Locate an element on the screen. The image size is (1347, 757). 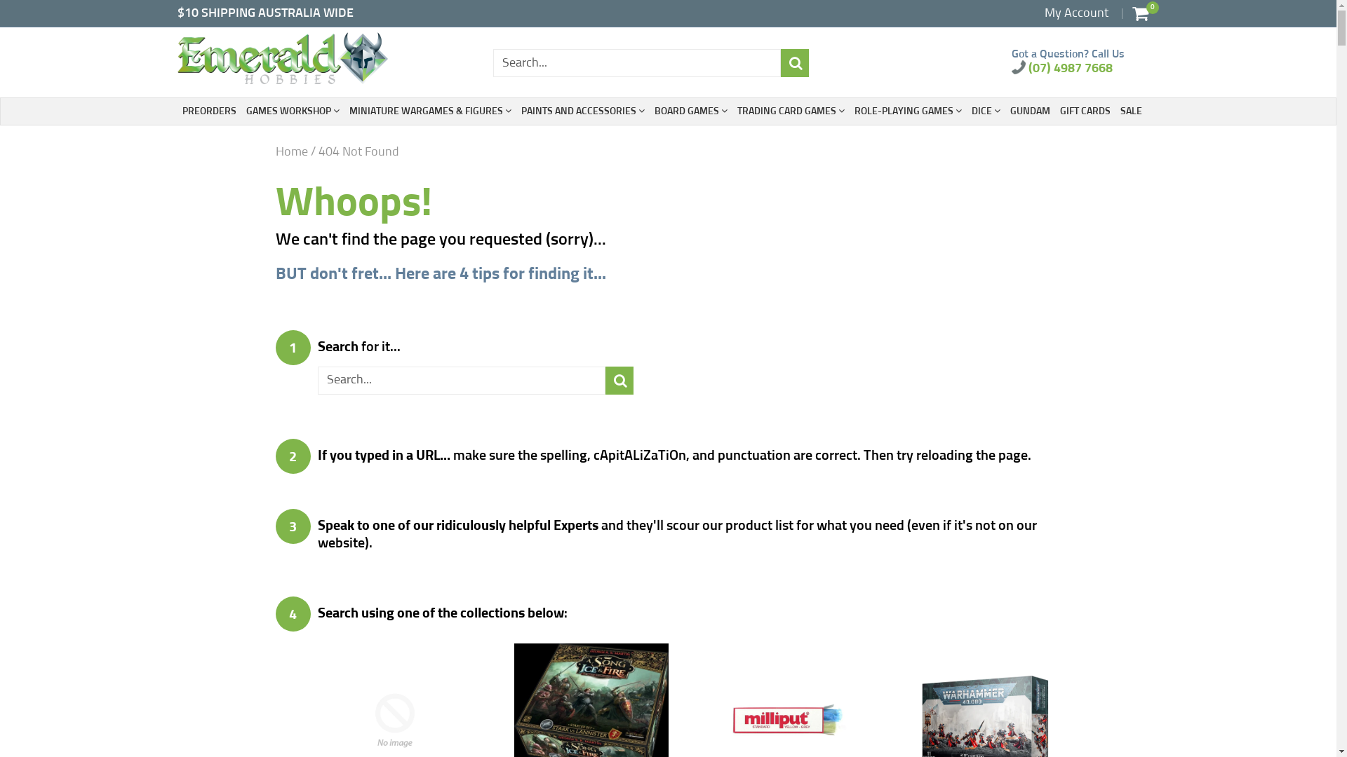
'0' is located at coordinates (1140, 13).